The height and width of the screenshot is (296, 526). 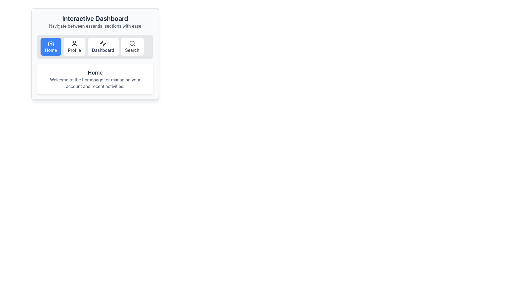 I want to click on text label displaying 'Home', which is styled with white text on a blue background, located in the navigation section on the top-left of the interface, so click(x=51, y=50).